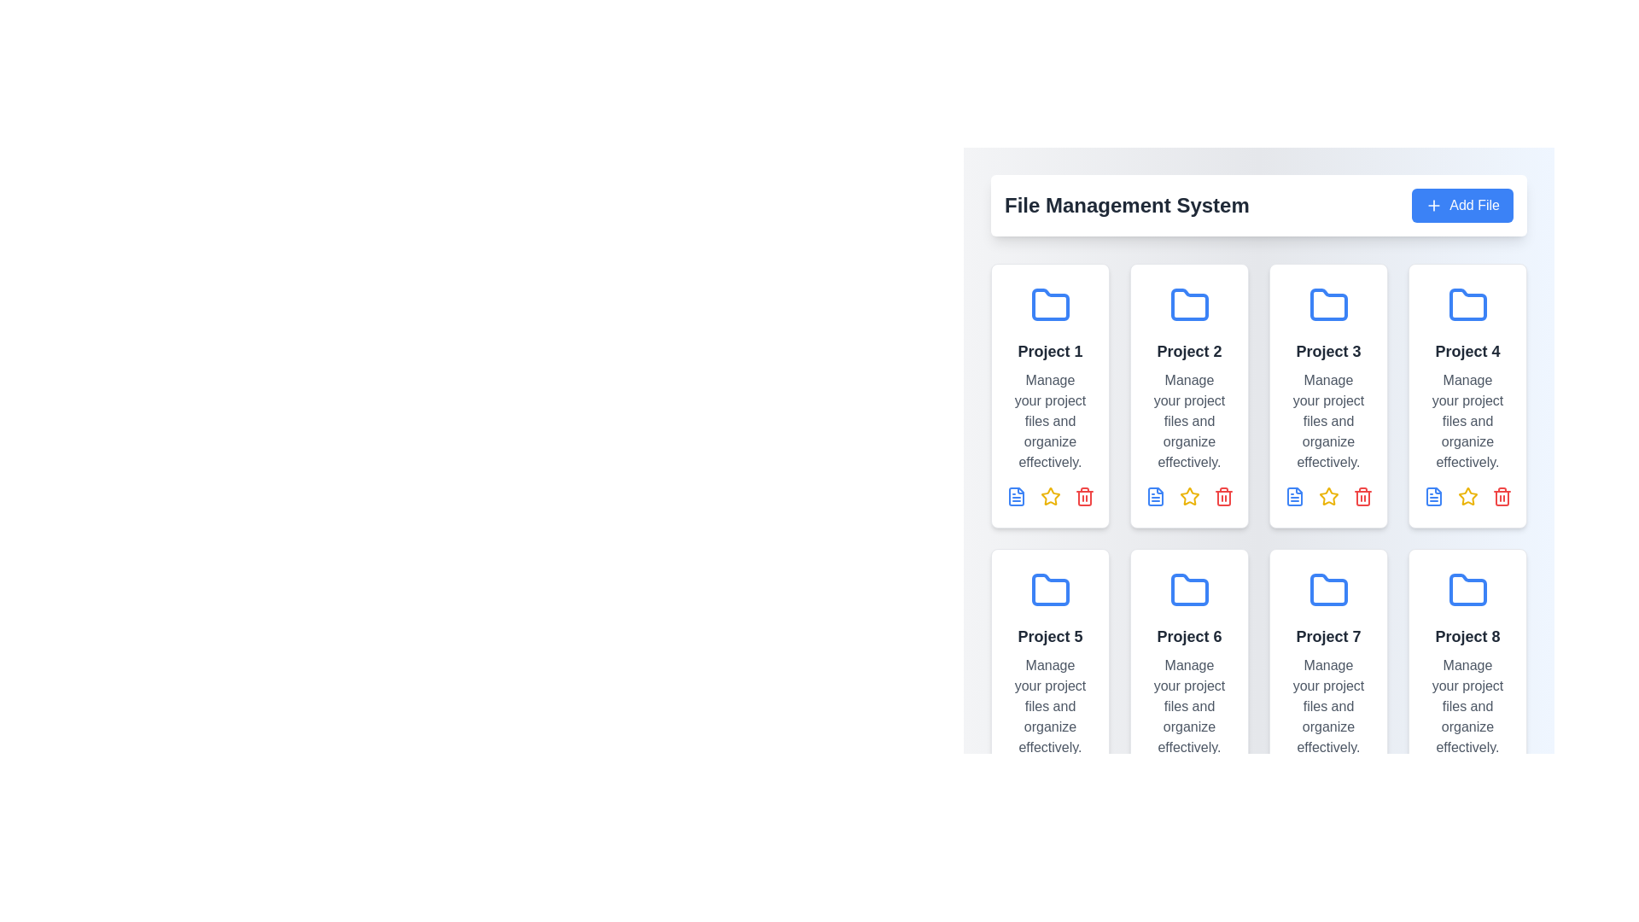 This screenshot has height=922, width=1639. Describe the element at coordinates (1188, 588) in the screenshot. I see `the folder icon with a blue border located in the header portion of the 'Project 6' card in the second row of the grid layout` at that location.